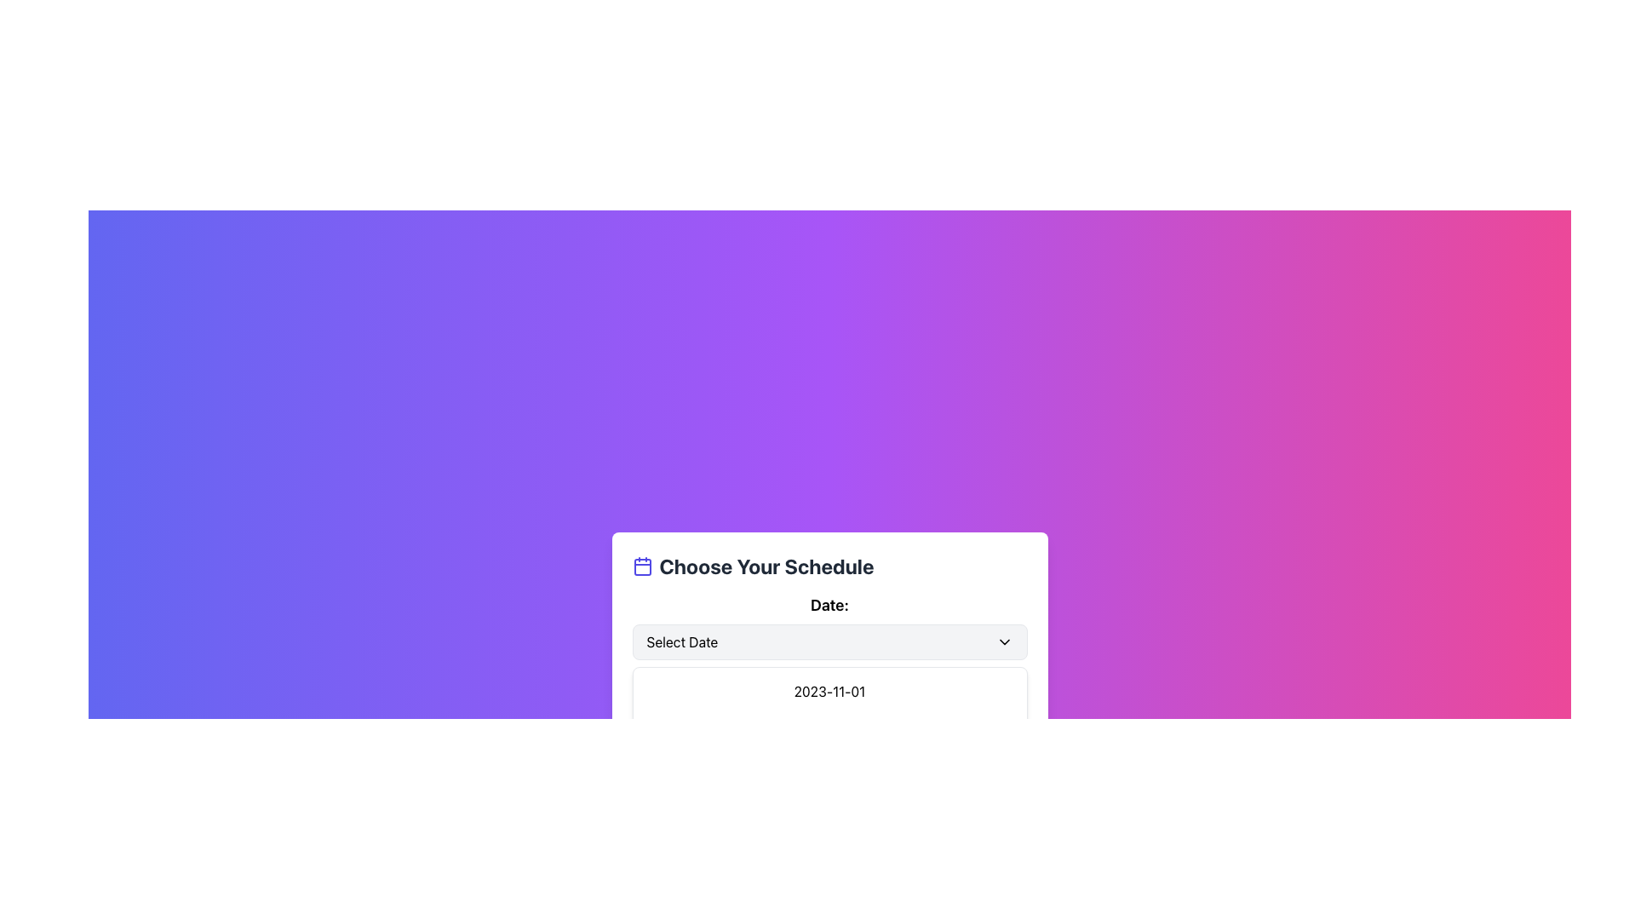  Describe the element at coordinates (829, 692) in the screenshot. I see `the text label displaying the date '2023-11-01' which is the first date option under the 'Select Date' dropdown` at that location.